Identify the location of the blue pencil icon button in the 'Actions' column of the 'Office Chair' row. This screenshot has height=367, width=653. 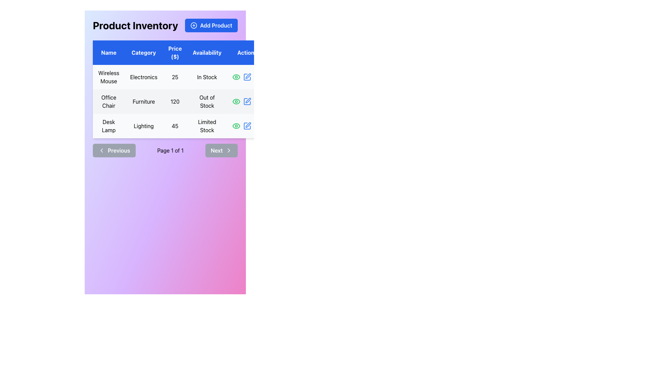
(247, 102).